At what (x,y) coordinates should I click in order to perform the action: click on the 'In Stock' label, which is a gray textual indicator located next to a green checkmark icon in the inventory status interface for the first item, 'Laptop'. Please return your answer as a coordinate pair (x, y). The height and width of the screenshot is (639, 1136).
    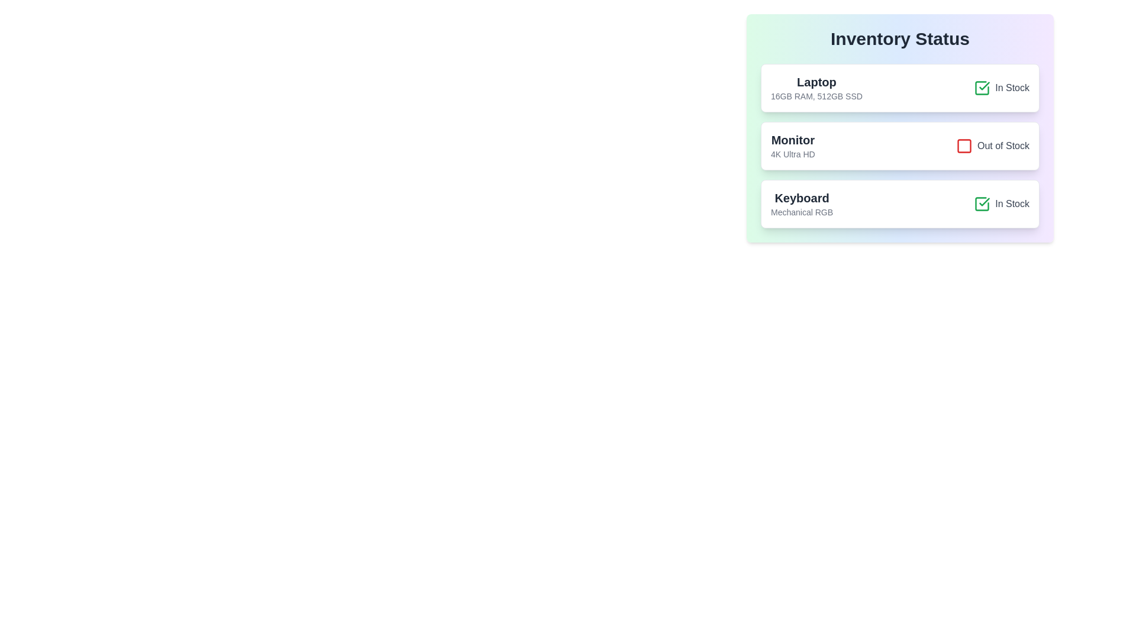
    Looking at the image, I should click on (1012, 88).